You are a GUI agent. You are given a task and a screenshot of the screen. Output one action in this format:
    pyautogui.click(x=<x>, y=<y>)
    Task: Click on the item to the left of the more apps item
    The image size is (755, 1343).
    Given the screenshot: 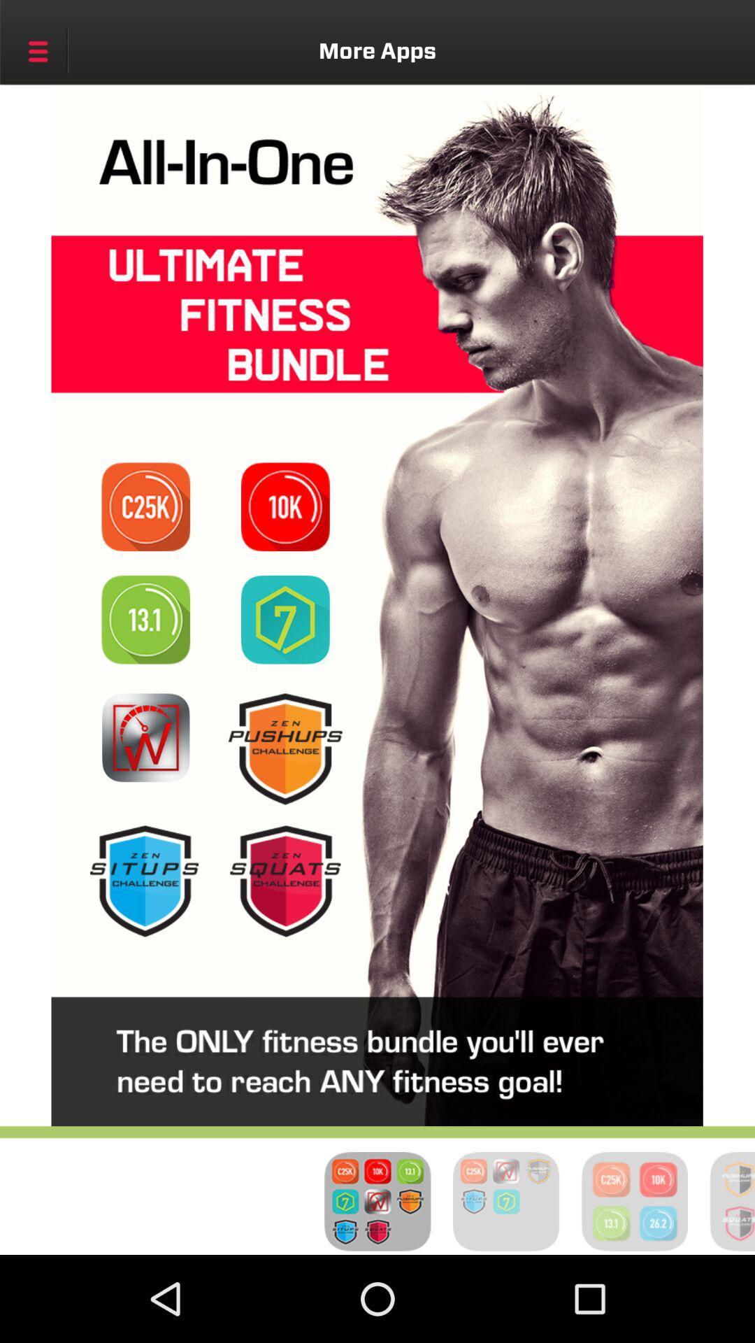 What is the action you would take?
    pyautogui.click(x=37, y=51)
    